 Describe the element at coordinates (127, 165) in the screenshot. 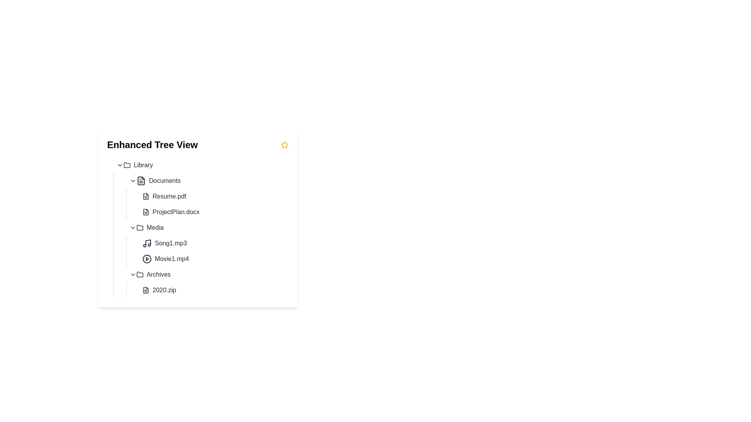

I see `the decorative folder icon representing the 'Library' section in the navigation panel, located between the chevron-down arrow icon and the 'Library' label text` at that location.